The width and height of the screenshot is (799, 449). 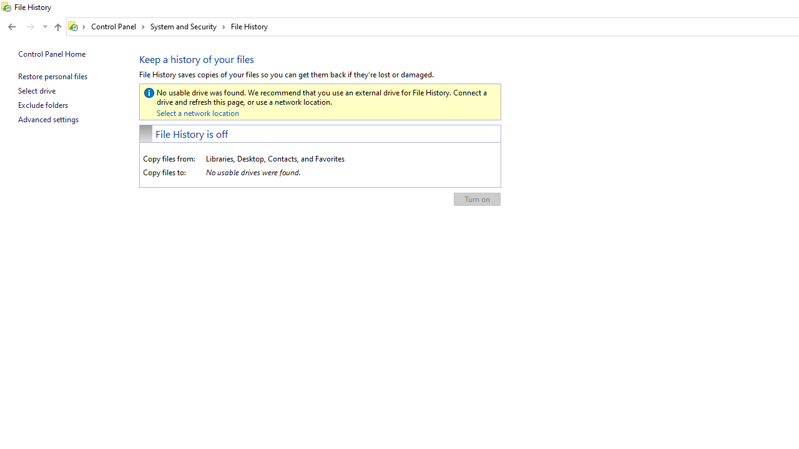 What do you see at coordinates (118, 26) in the screenshot?
I see `'Control Panel'` at bounding box center [118, 26].